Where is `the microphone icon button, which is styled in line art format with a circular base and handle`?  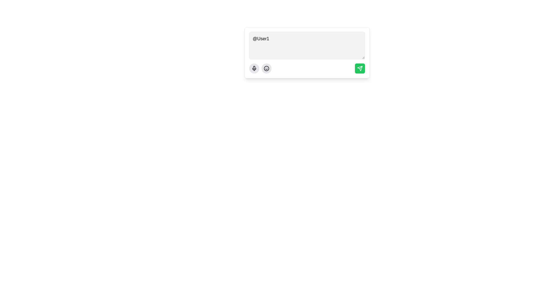
the microphone icon button, which is styled in line art format with a circular base and handle is located at coordinates (254, 68).